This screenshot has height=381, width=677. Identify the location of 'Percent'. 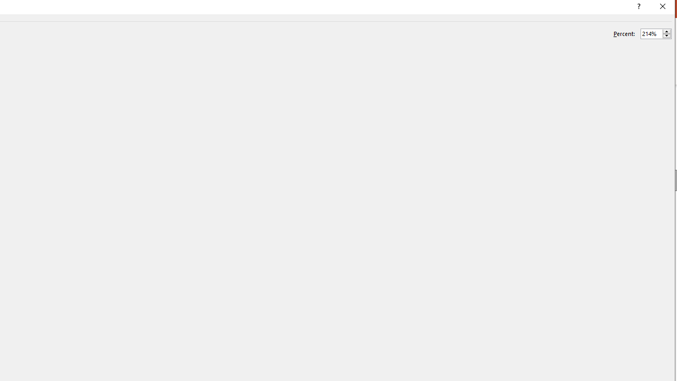
(651, 33).